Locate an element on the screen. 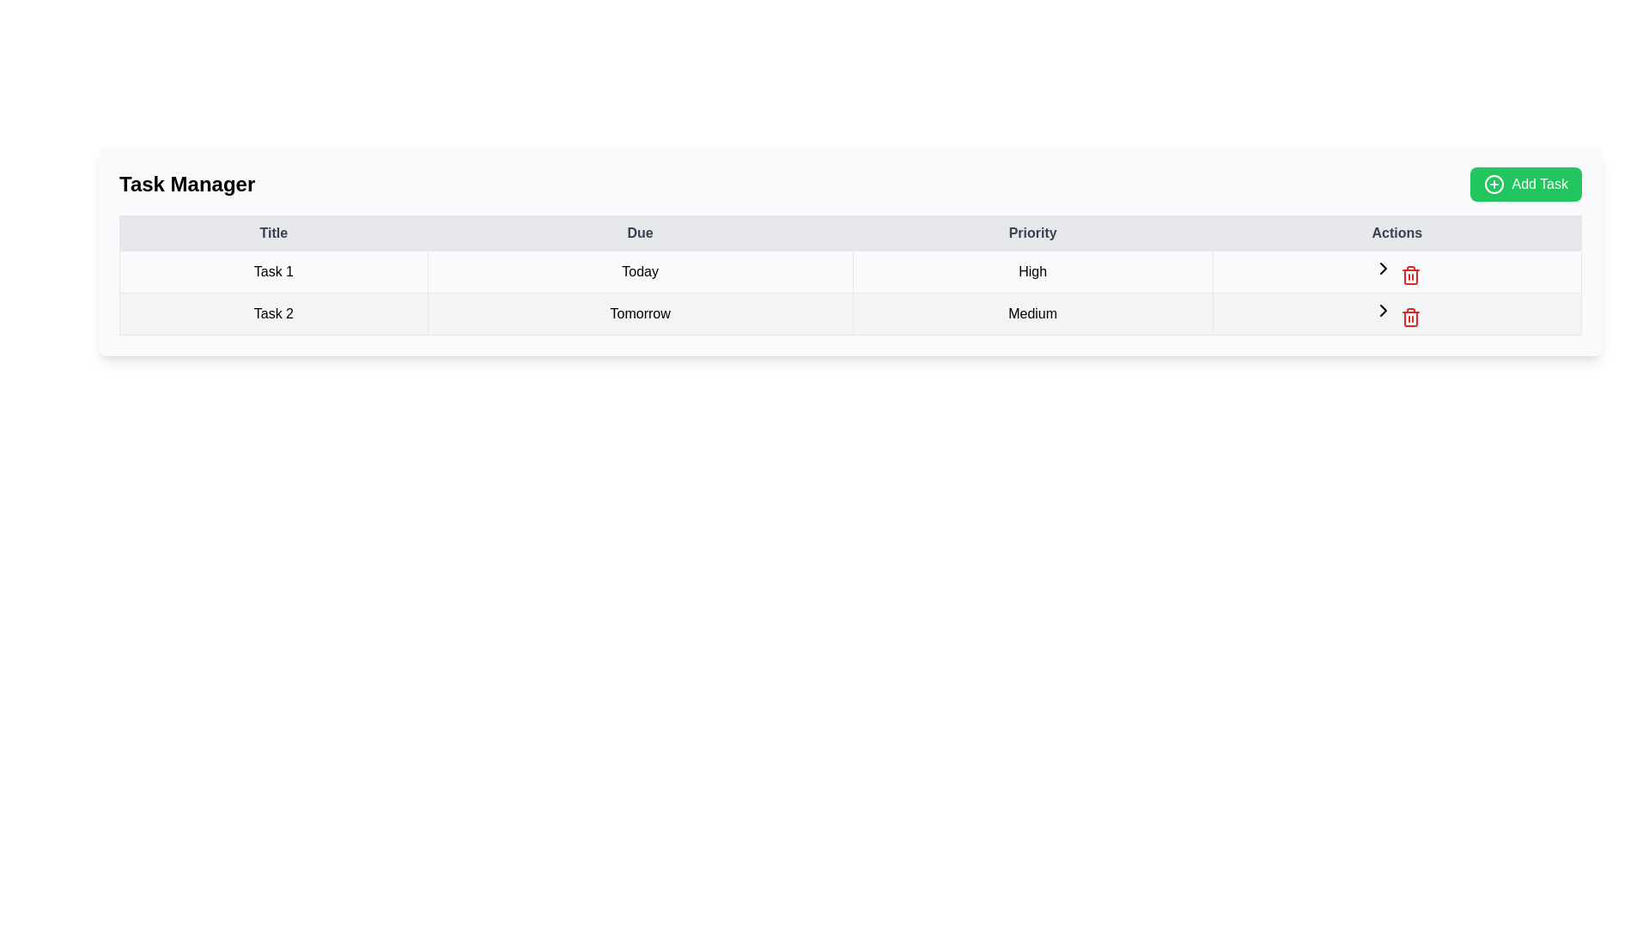  the text label displaying the due date of the task, which is the middle cell in the second row of the table, positioned between 'Task 2' and 'Medium' is located at coordinates (639, 313).